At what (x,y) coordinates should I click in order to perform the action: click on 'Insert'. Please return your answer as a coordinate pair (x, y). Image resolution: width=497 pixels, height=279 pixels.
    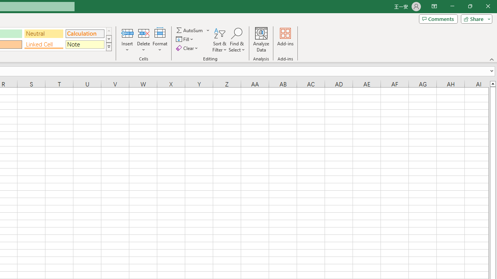
    Looking at the image, I should click on (127, 40).